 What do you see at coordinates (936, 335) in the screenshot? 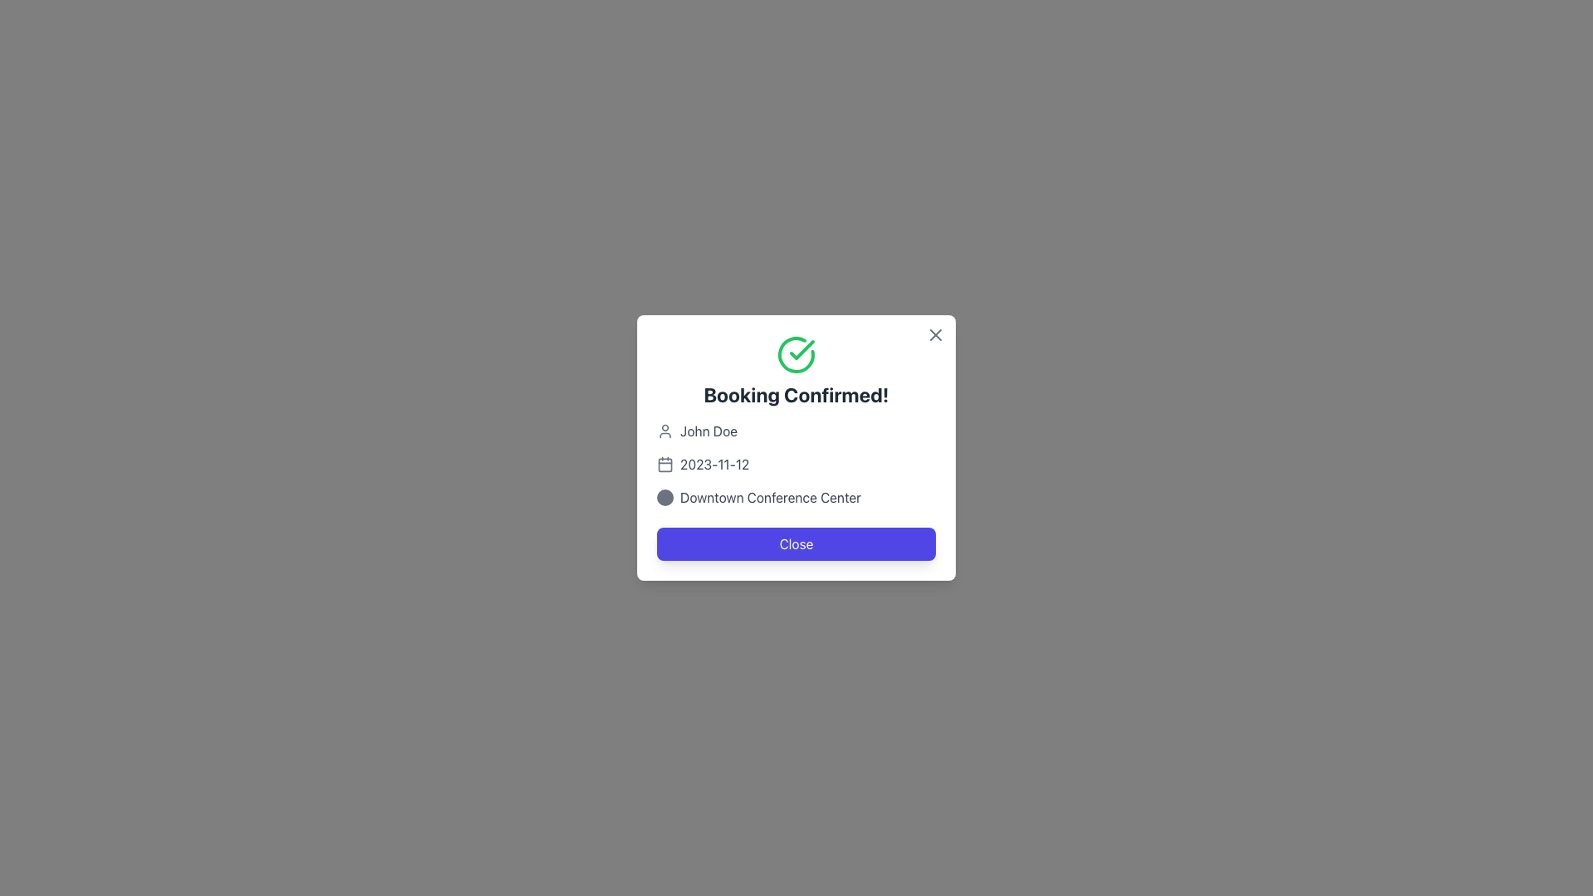
I see `the close button with a gray 'X' icon located at the top-right corner of the white pop-up box` at bounding box center [936, 335].